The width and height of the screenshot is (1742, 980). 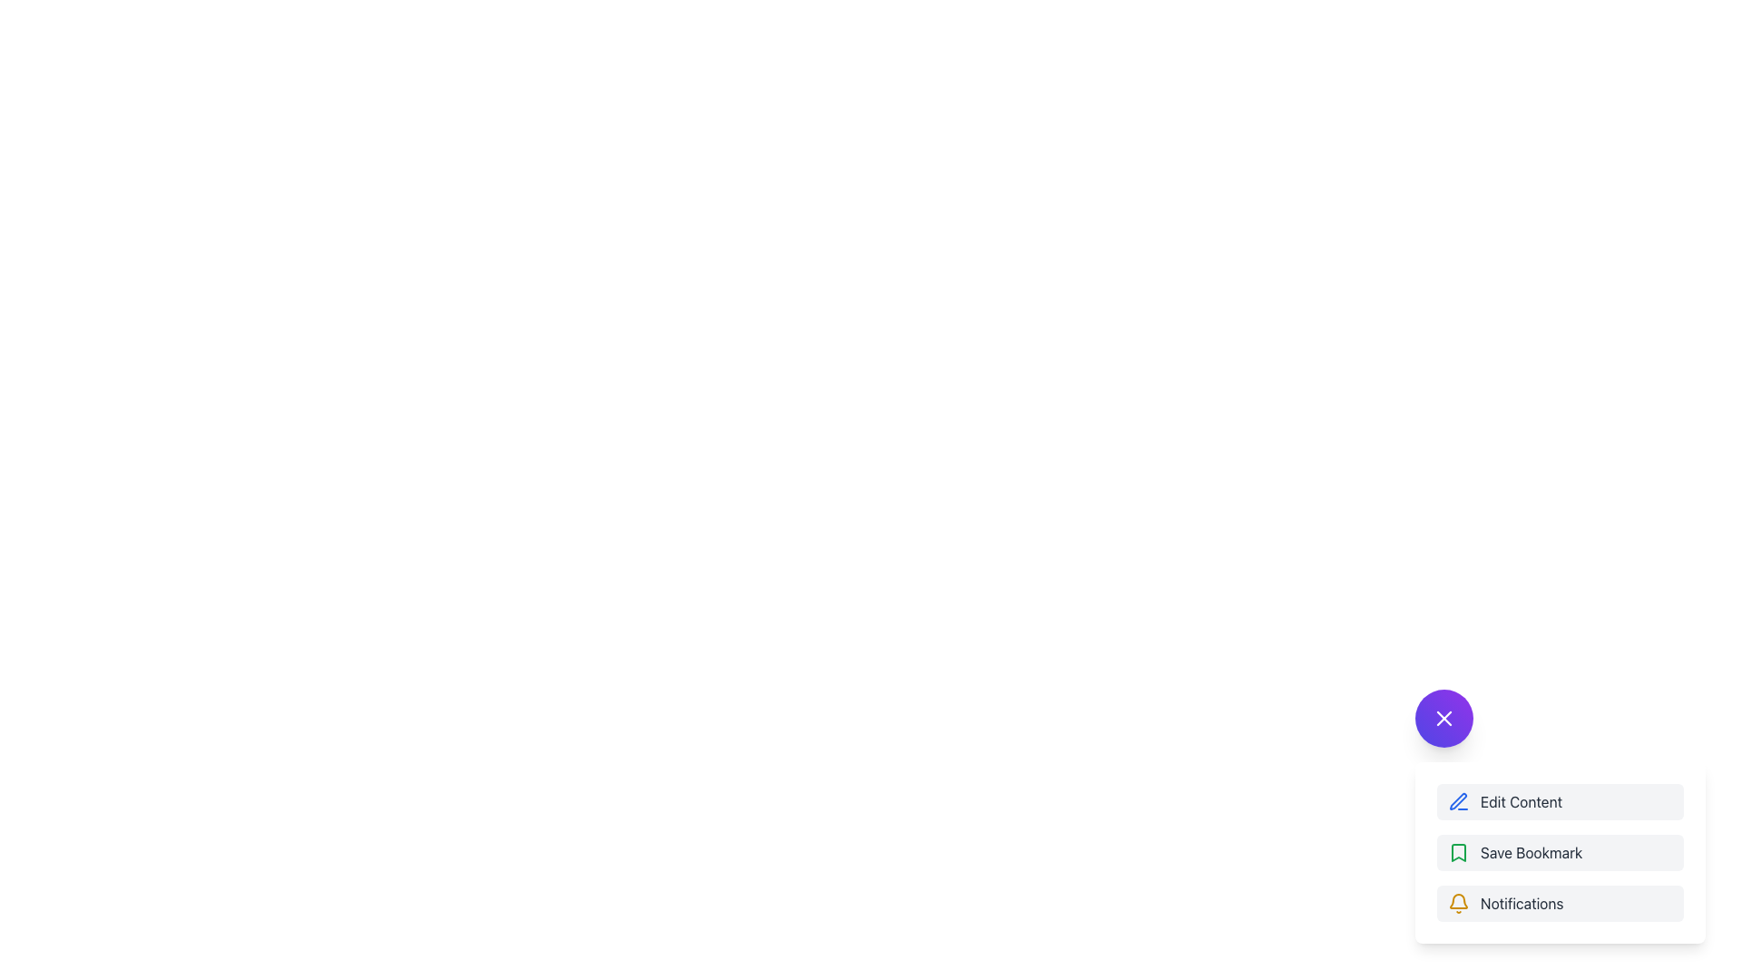 What do you see at coordinates (1559, 903) in the screenshot?
I see `the 'Notifications' button` at bounding box center [1559, 903].